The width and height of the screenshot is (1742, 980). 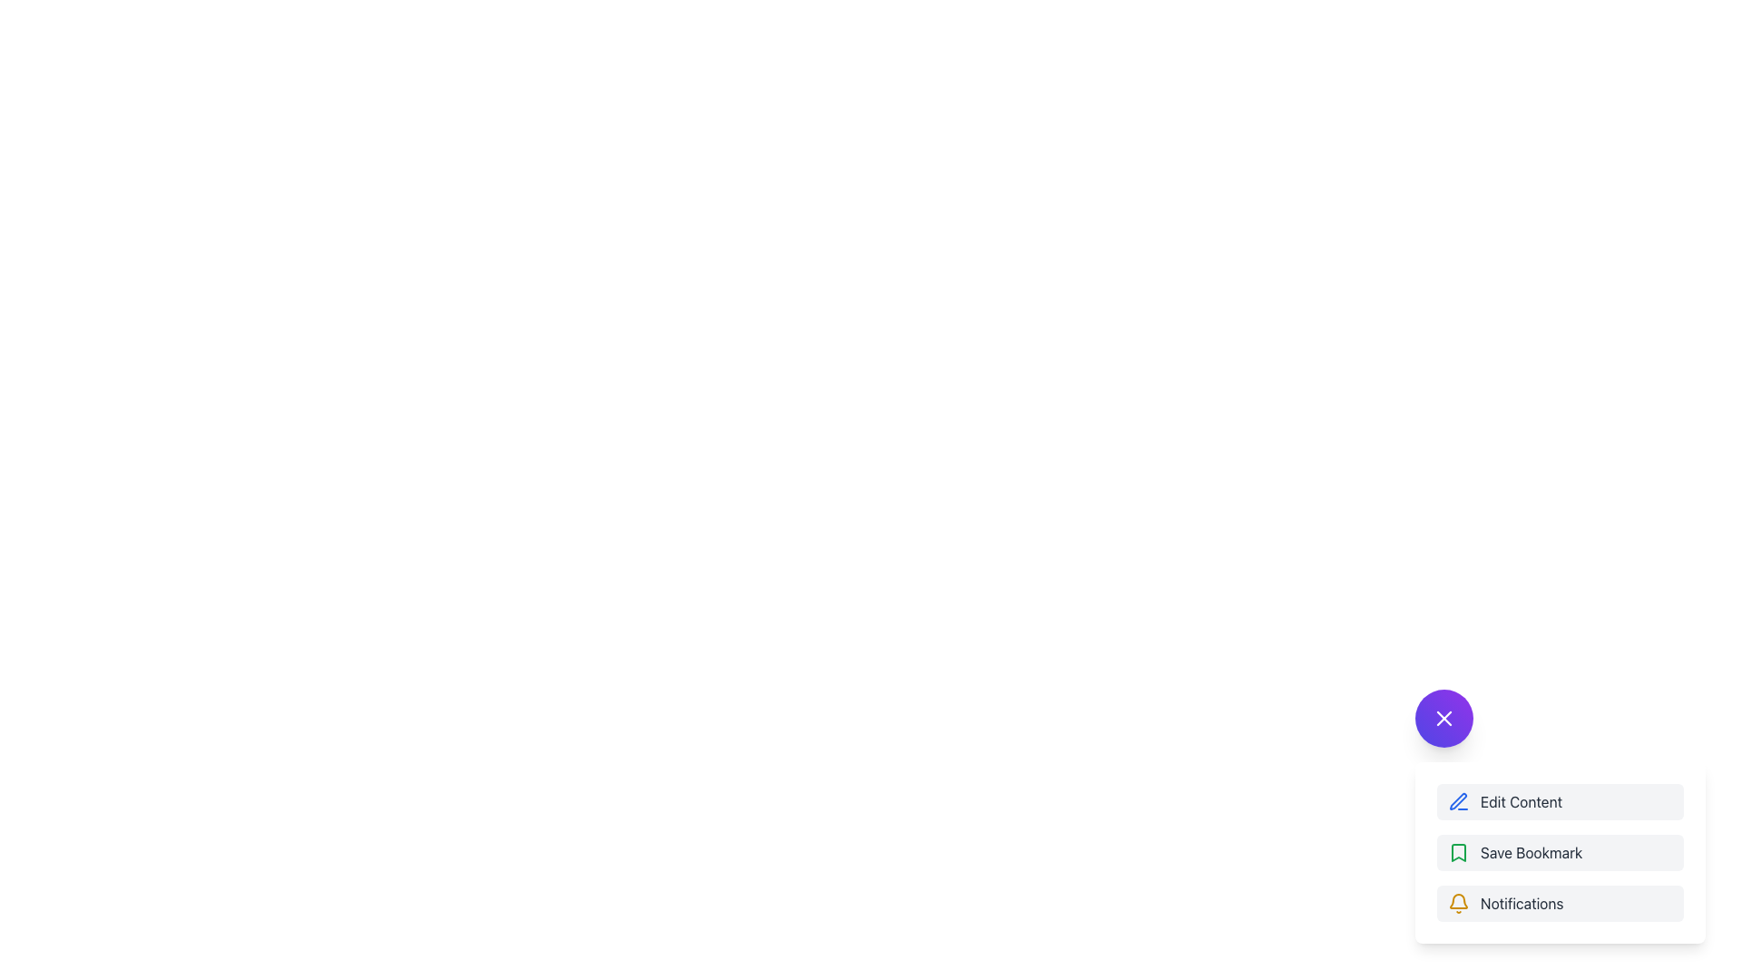 What do you see at coordinates (1559, 903) in the screenshot?
I see `the 'Notifications' button` at bounding box center [1559, 903].